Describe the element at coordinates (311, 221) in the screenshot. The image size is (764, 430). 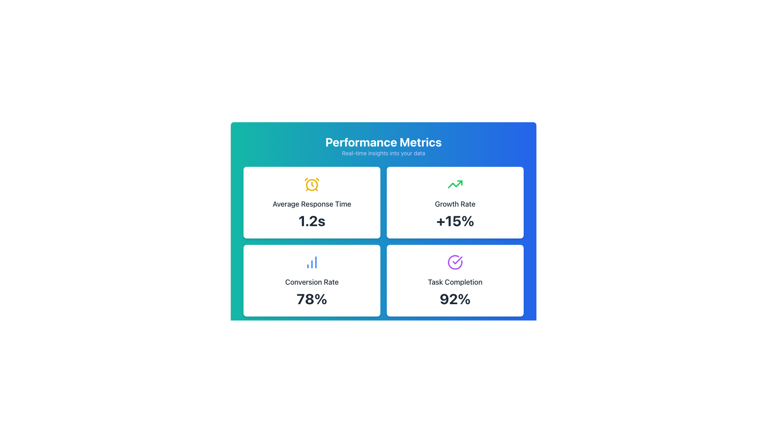
I see `bold text element displaying '1.2s' which is centrally located in the top-left card of the 2x2 card grid under 'Performance Metrics'` at that location.